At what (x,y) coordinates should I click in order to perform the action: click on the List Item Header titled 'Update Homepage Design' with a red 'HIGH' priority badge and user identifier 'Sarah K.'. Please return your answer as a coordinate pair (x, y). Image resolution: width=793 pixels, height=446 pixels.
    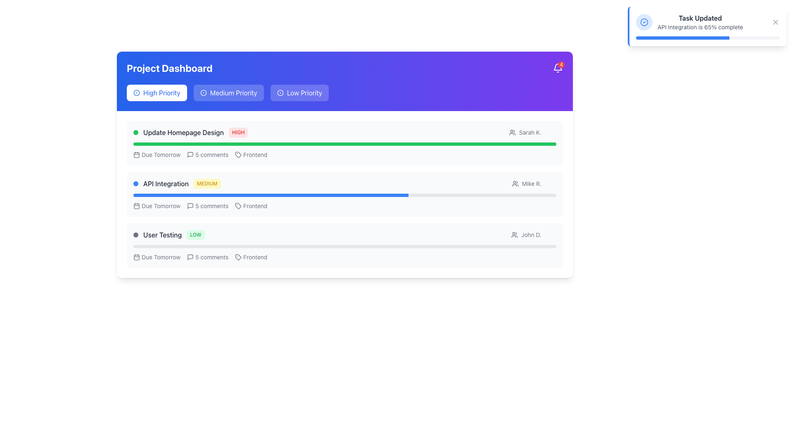
    Looking at the image, I should click on (345, 132).